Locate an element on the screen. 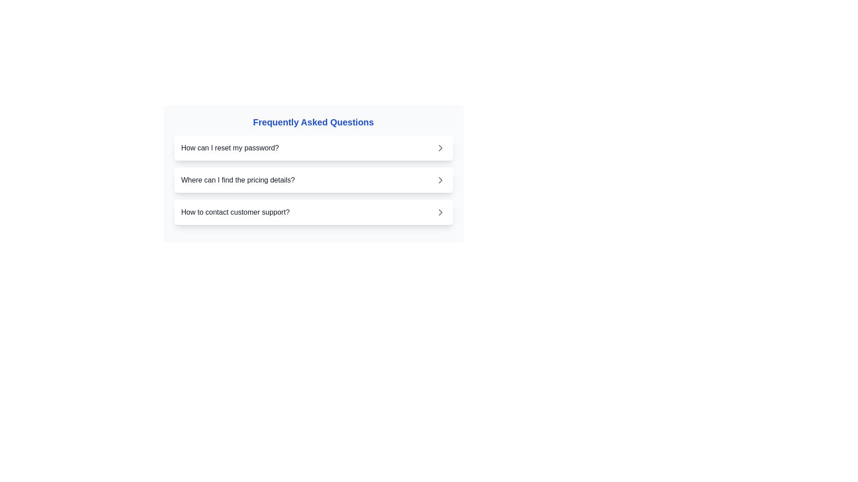  the Chevron icon is located at coordinates (440, 212).